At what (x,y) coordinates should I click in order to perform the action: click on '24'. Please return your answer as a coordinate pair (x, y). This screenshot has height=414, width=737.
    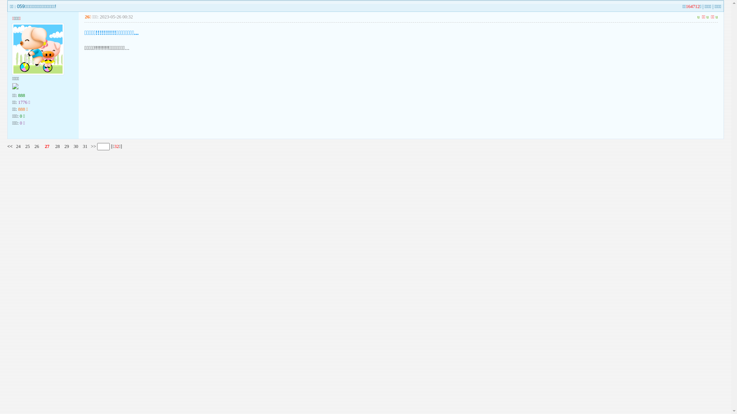
    Looking at the image, I should click on (18, 146).